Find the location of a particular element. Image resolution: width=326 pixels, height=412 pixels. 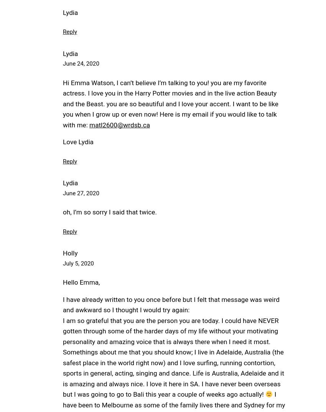

'I am so grateful that you are the person you are today. I could have NEVER gotten through some of the harder days of my life without your motivating personality and amazing voice that is always there when I need it most.' is located at coordinates (170, 330).